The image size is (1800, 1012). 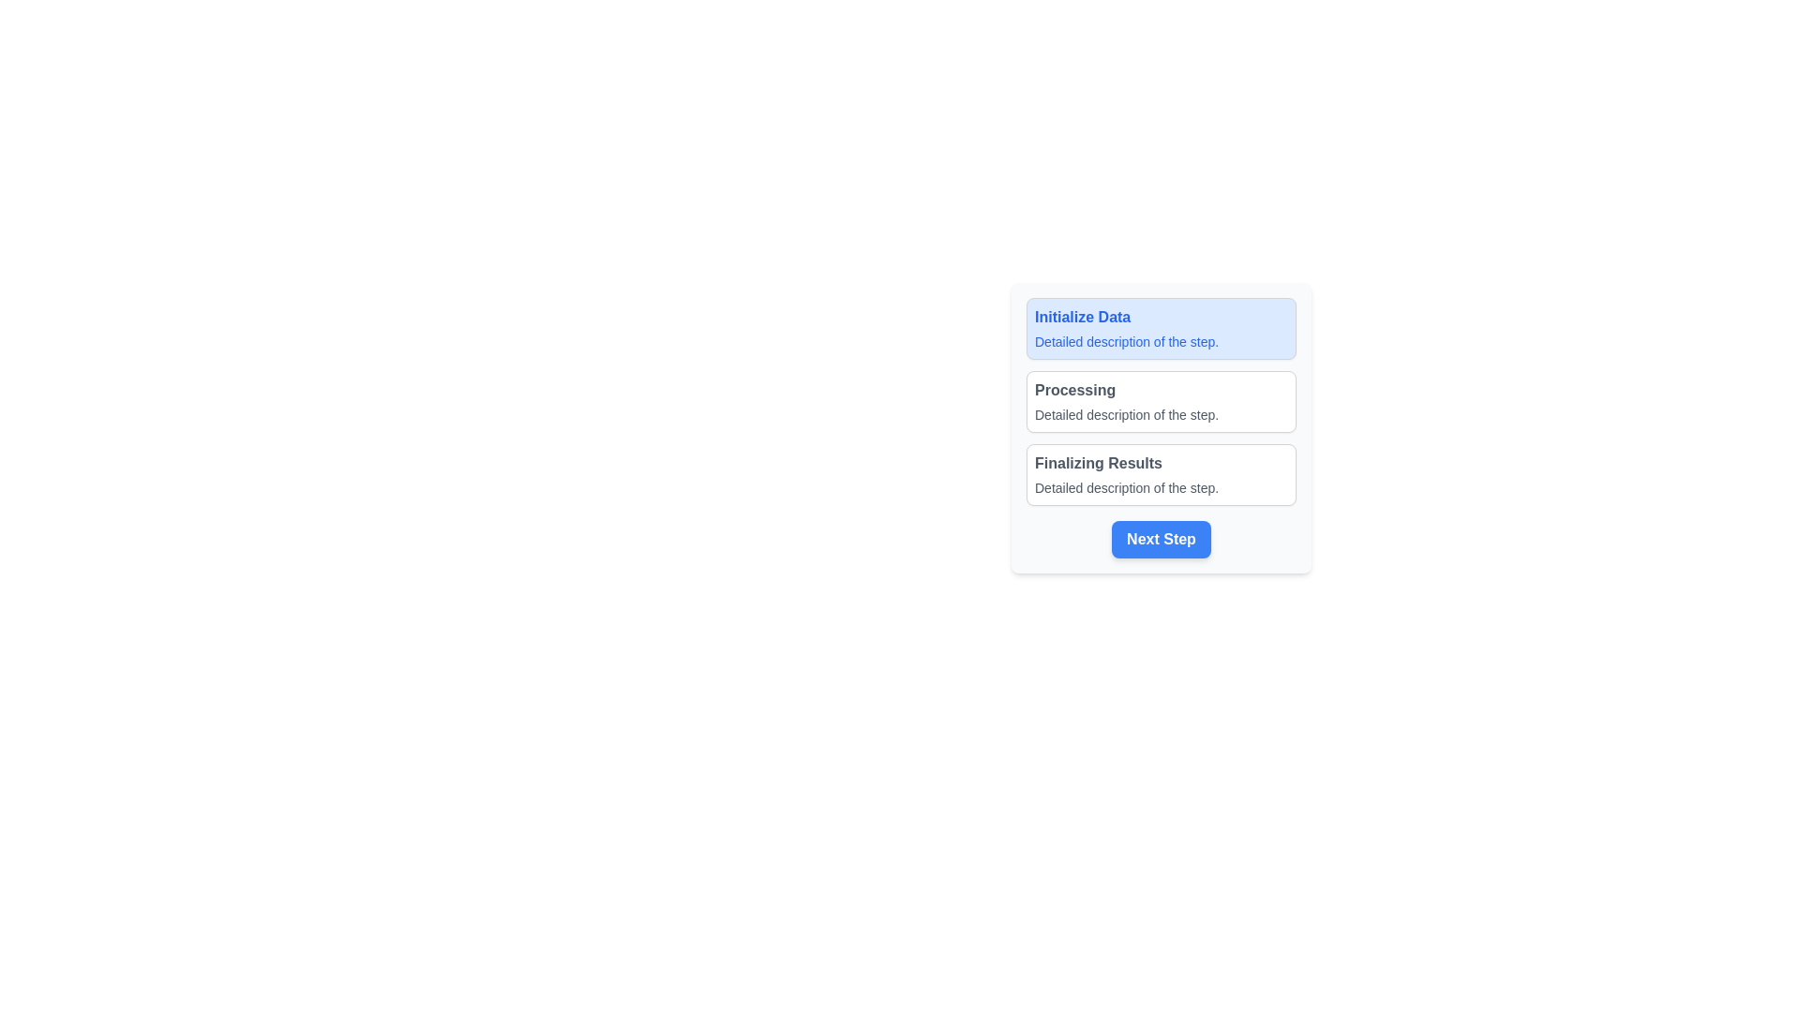 I want to click on the 'Processing' text description block, which is the second section in a sequence of three, positioned centrally between 'Initialize Data' and 'Finalizing Results', so click(x=1160, y=427).